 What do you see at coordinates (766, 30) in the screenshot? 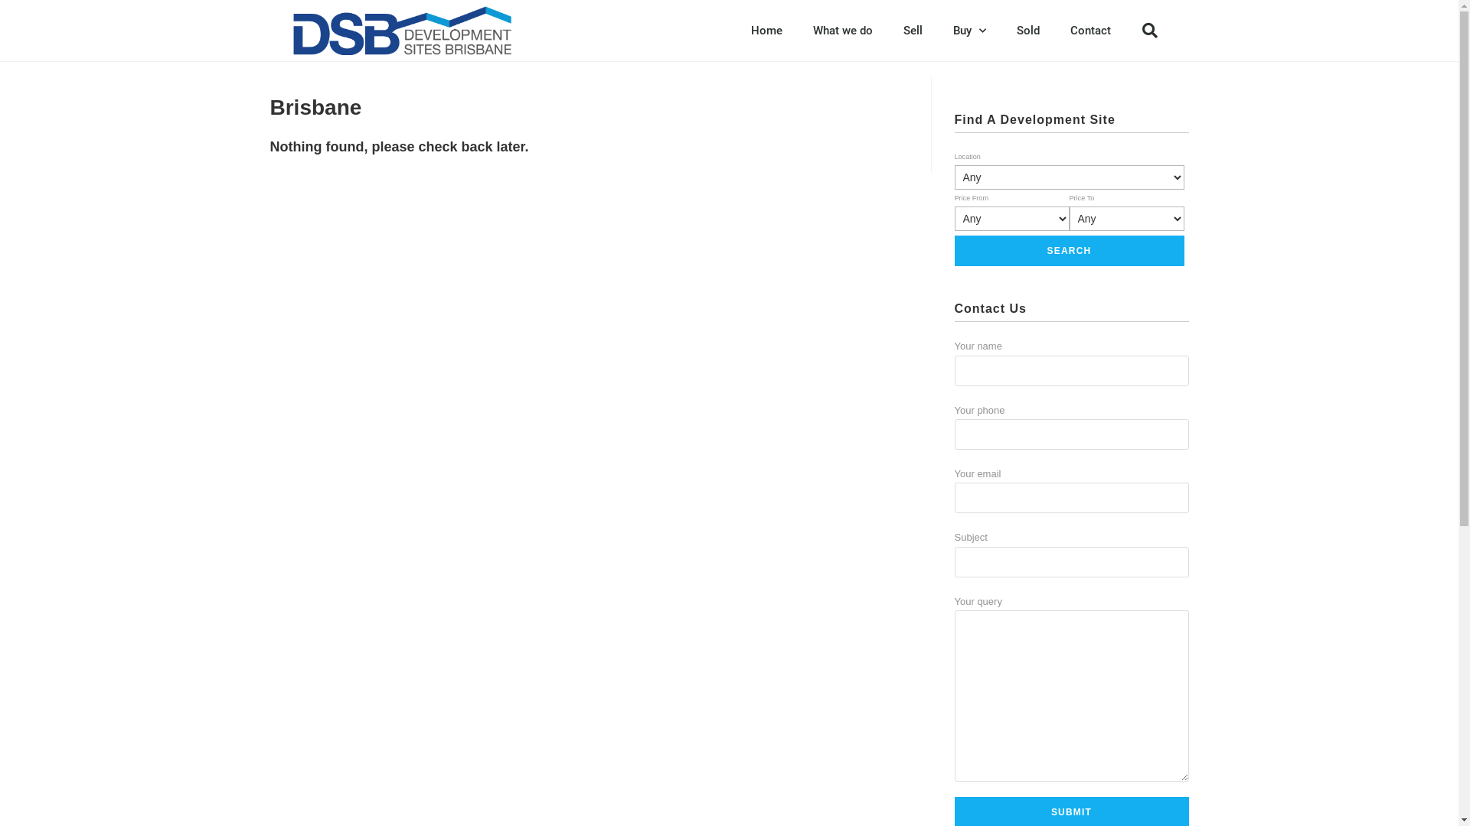
I see `'Home'` at bounding box center [766, 30].